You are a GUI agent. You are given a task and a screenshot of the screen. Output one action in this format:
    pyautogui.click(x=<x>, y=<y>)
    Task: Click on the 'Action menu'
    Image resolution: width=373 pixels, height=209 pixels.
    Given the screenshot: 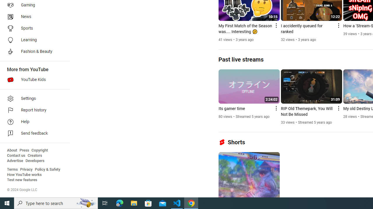 What is the action you would take?
    pyautogui.click(x=338, y=108)
    